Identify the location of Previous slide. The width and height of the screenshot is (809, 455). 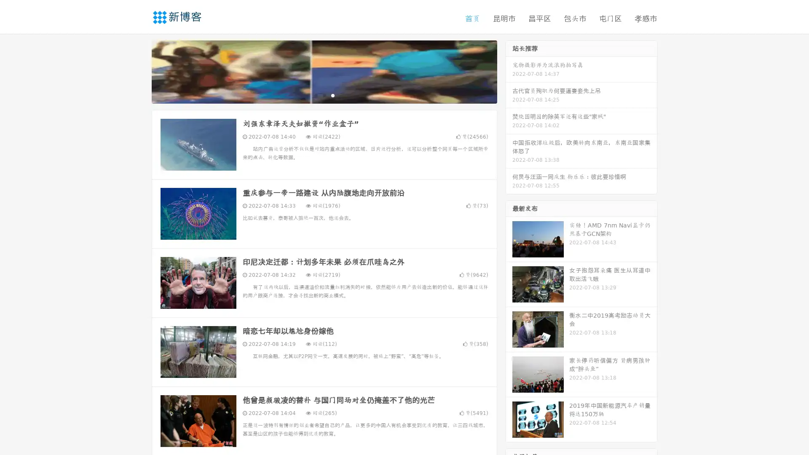
(139, 71).